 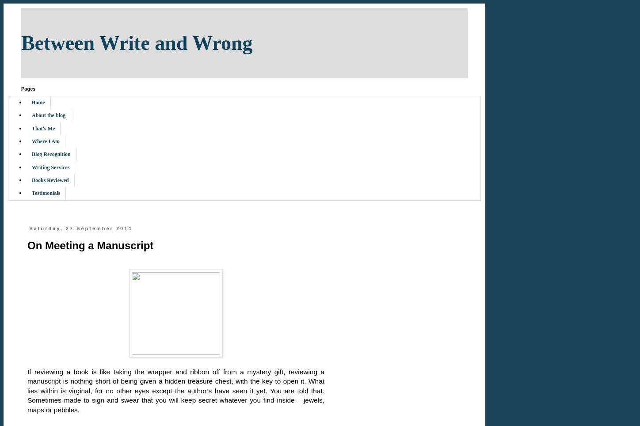 I want to click on 'Writing Services', so click(x=50, y=167).